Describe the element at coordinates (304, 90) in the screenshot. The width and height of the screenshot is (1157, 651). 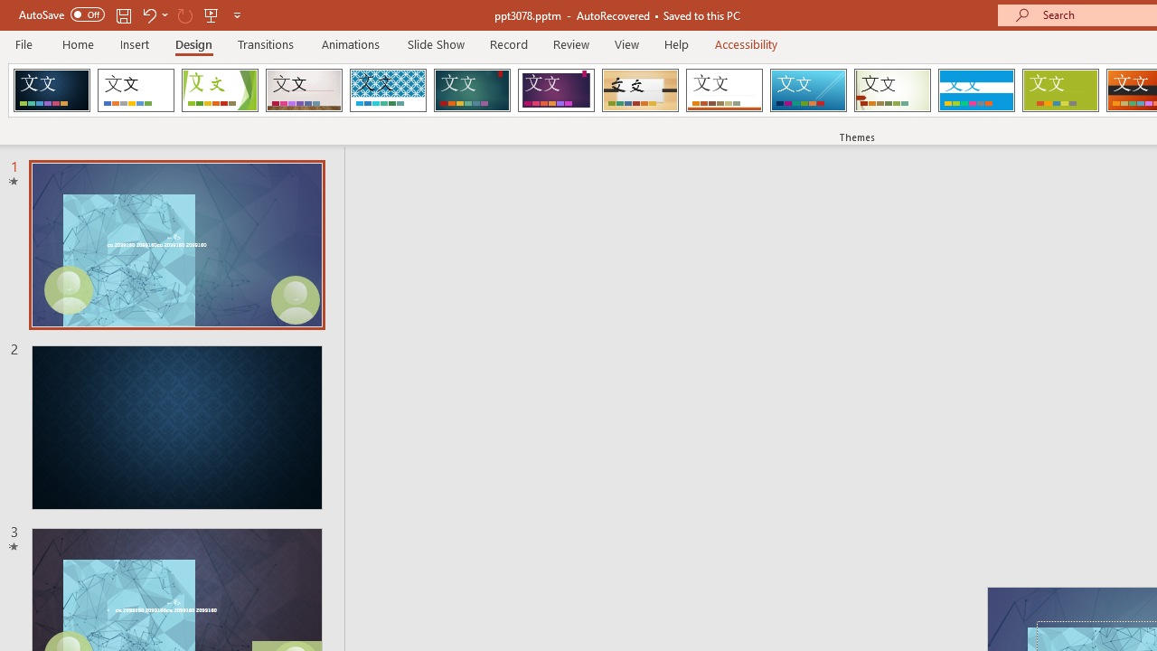
I see `'Gallery'` at that location.